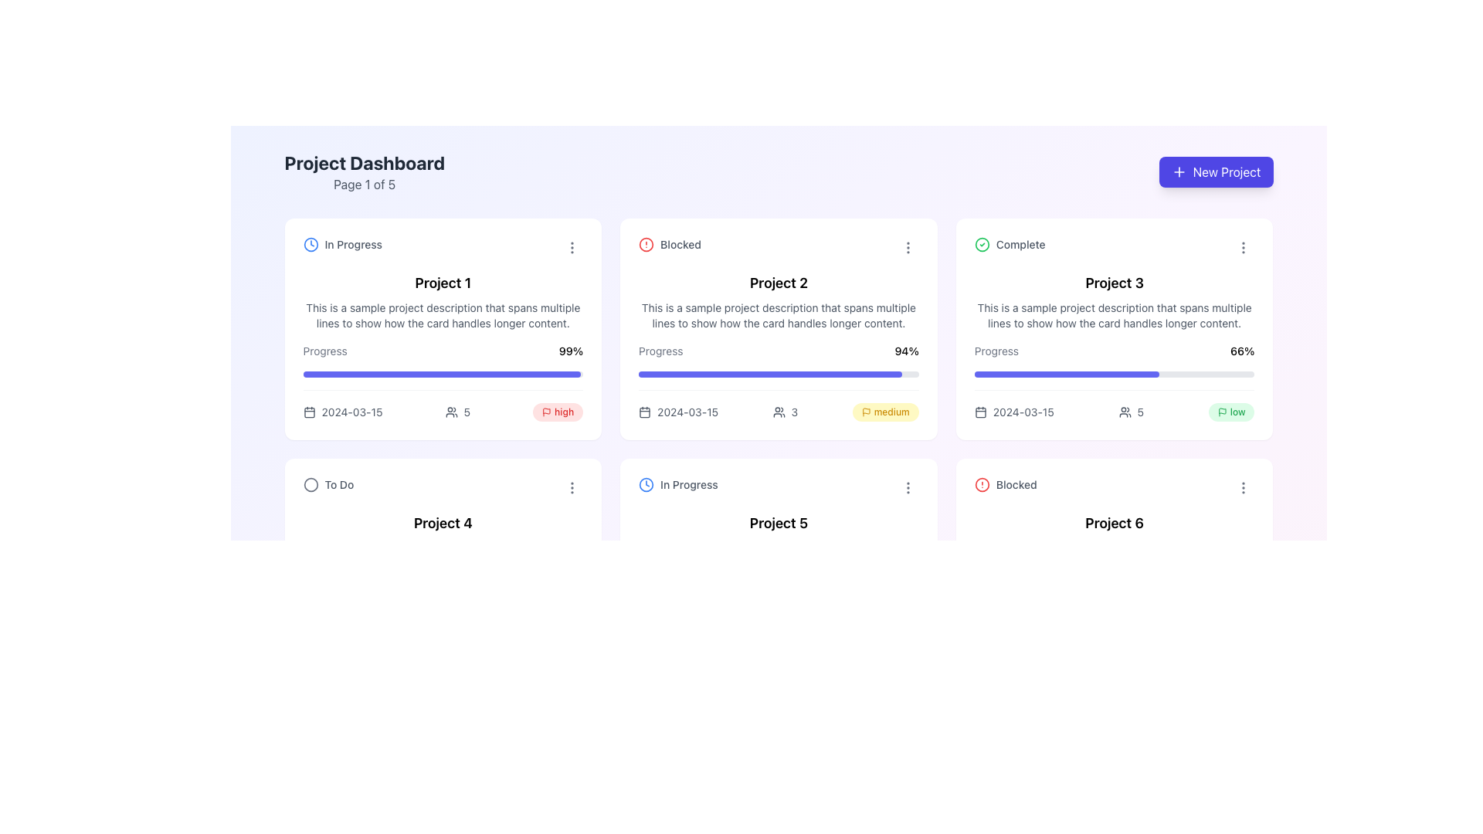  What do you see at coordinates (1115, 375) in the screenshot?
I see `the progress bar indicating 66% completion for 'Project 3' located in the third column of the top row, beneath the 'Progress' label` at bounding box center [1115, 375].